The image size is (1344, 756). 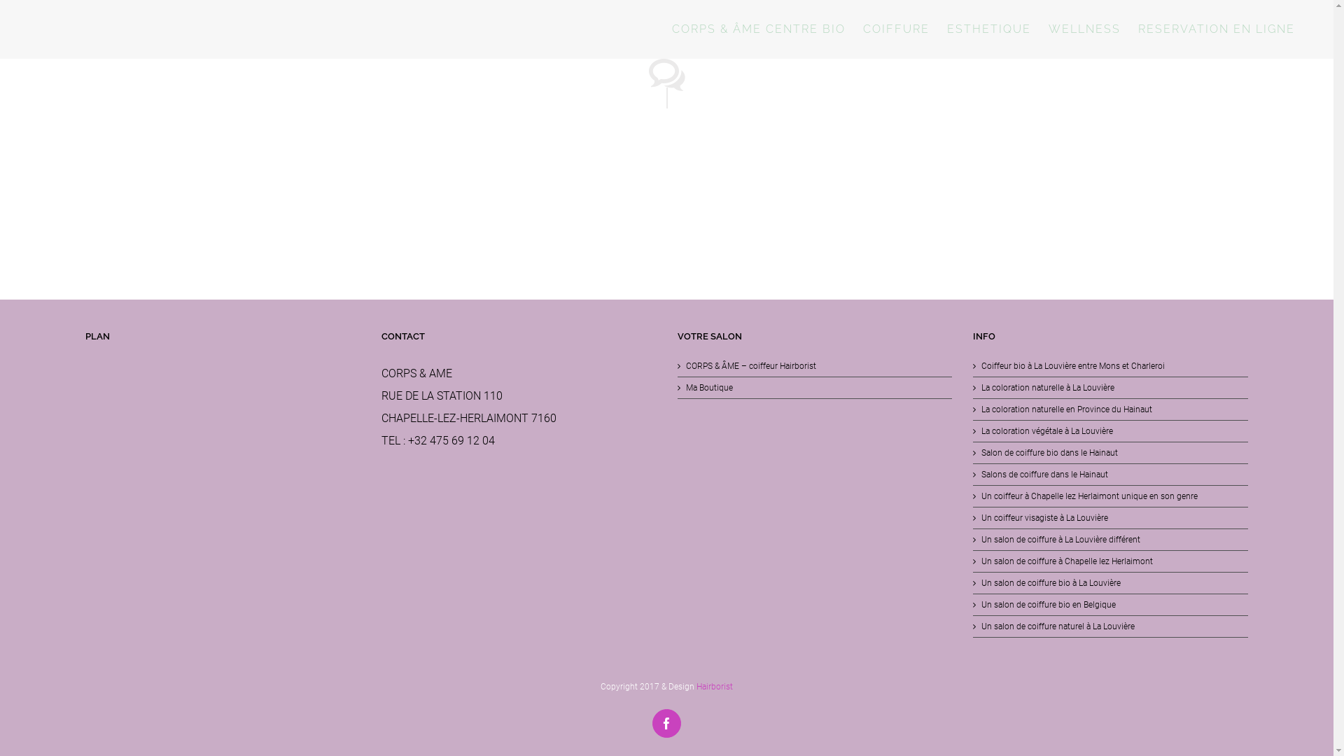 What do you see at coordinates (696, 685) in the screenshot?
I see `'Hairborist'` at bounding box center [696, 685].